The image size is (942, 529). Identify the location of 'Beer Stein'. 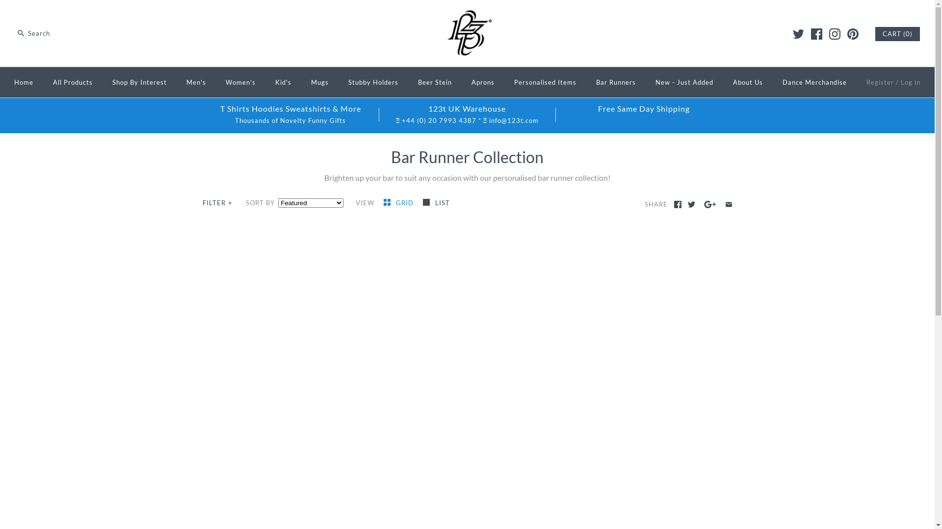
(409, 82).